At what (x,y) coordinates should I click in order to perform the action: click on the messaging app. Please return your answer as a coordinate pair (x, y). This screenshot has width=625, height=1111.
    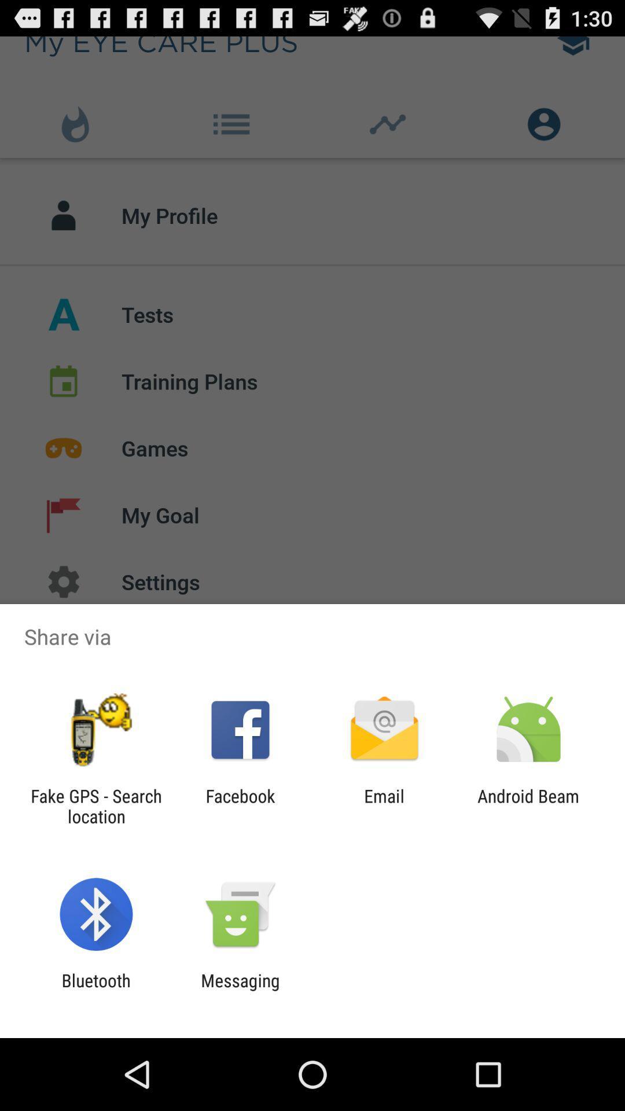
    Looking at the image, I should click on (240, 990).